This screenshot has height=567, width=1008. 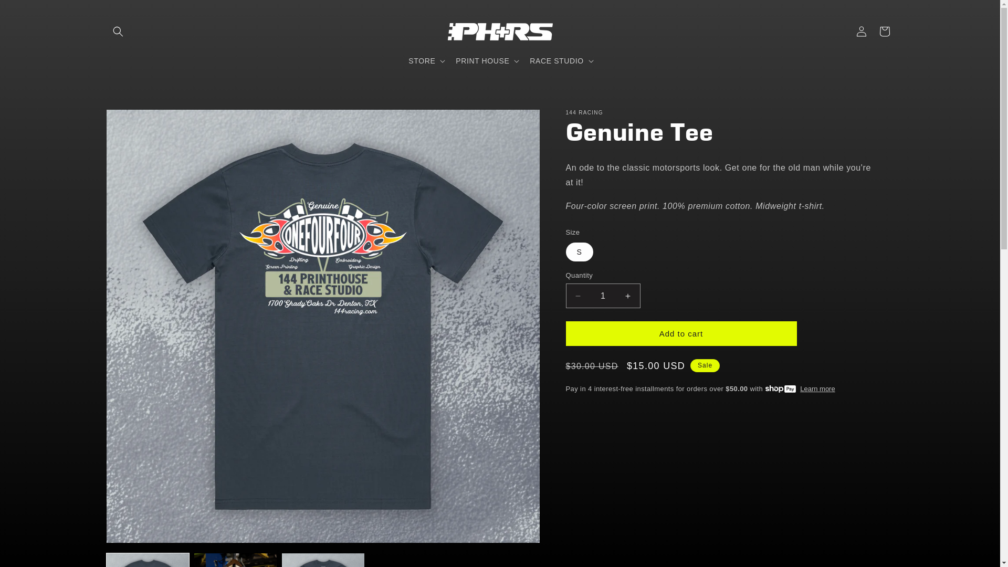 What do you see at coordinates (616, 296) in the screenshot?
I see `'Increase quantity for Genuine Tee'` at bounding box center [616, 296].